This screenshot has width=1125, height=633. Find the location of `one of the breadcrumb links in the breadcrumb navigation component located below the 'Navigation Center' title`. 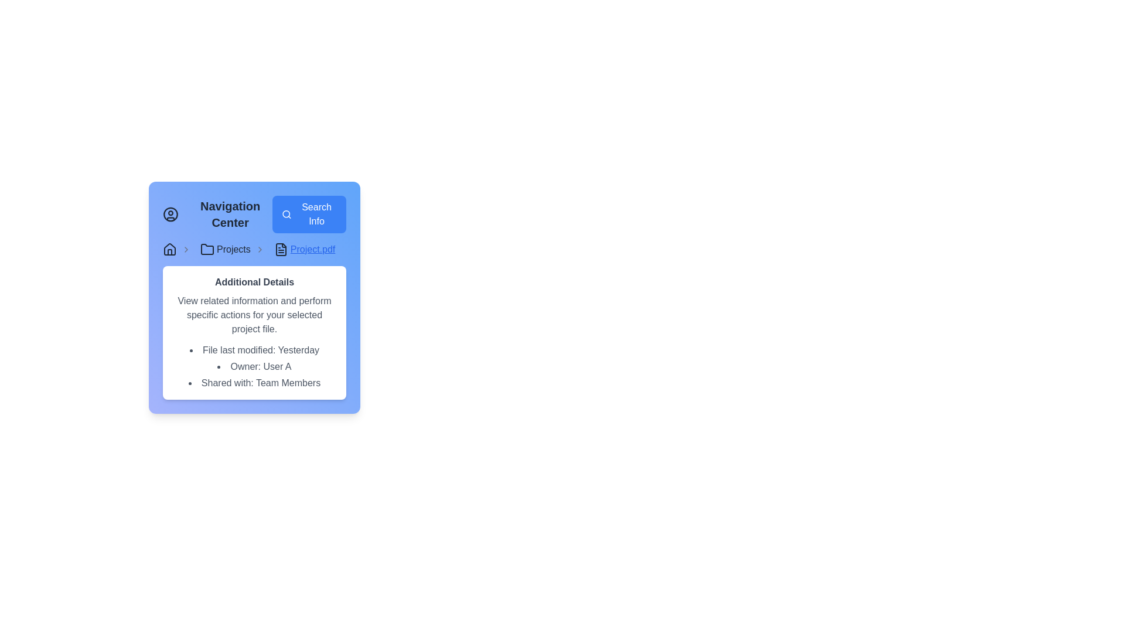

one of the breadcrumb links in the breadcrumb navigation component located below the 'Navigation Center' title is located at coordinates (254, 249).